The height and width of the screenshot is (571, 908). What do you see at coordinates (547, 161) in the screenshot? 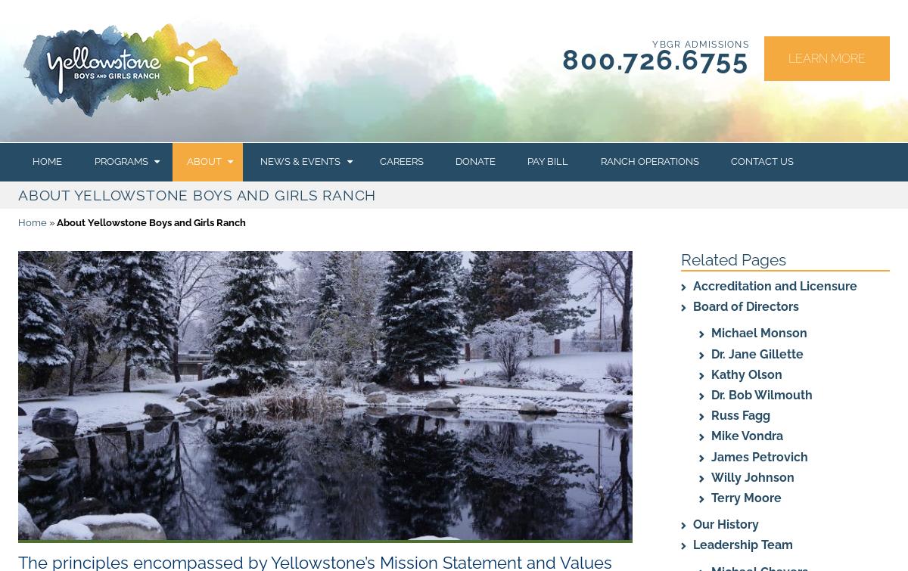
I see `'Pay Bill'` at bounding box center [547, 161].